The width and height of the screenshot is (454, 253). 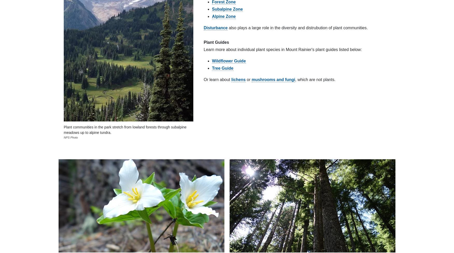 I want to click on 'An official form of the United States government.
          Provided by', so click(x=169, y=86).